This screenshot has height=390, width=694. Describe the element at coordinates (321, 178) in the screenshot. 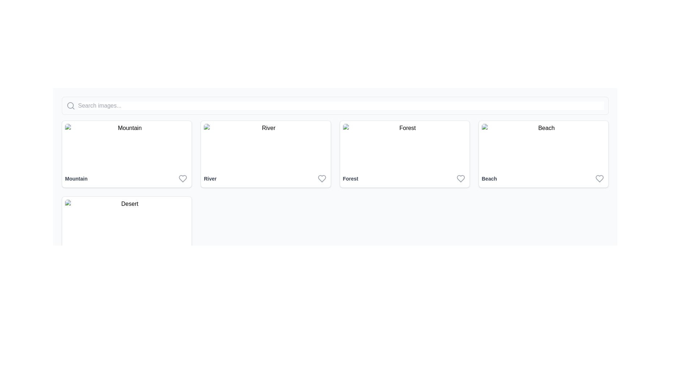

I see `the favorite button SVG icon located in the bottom-right corner of the 'River' card` at that location.